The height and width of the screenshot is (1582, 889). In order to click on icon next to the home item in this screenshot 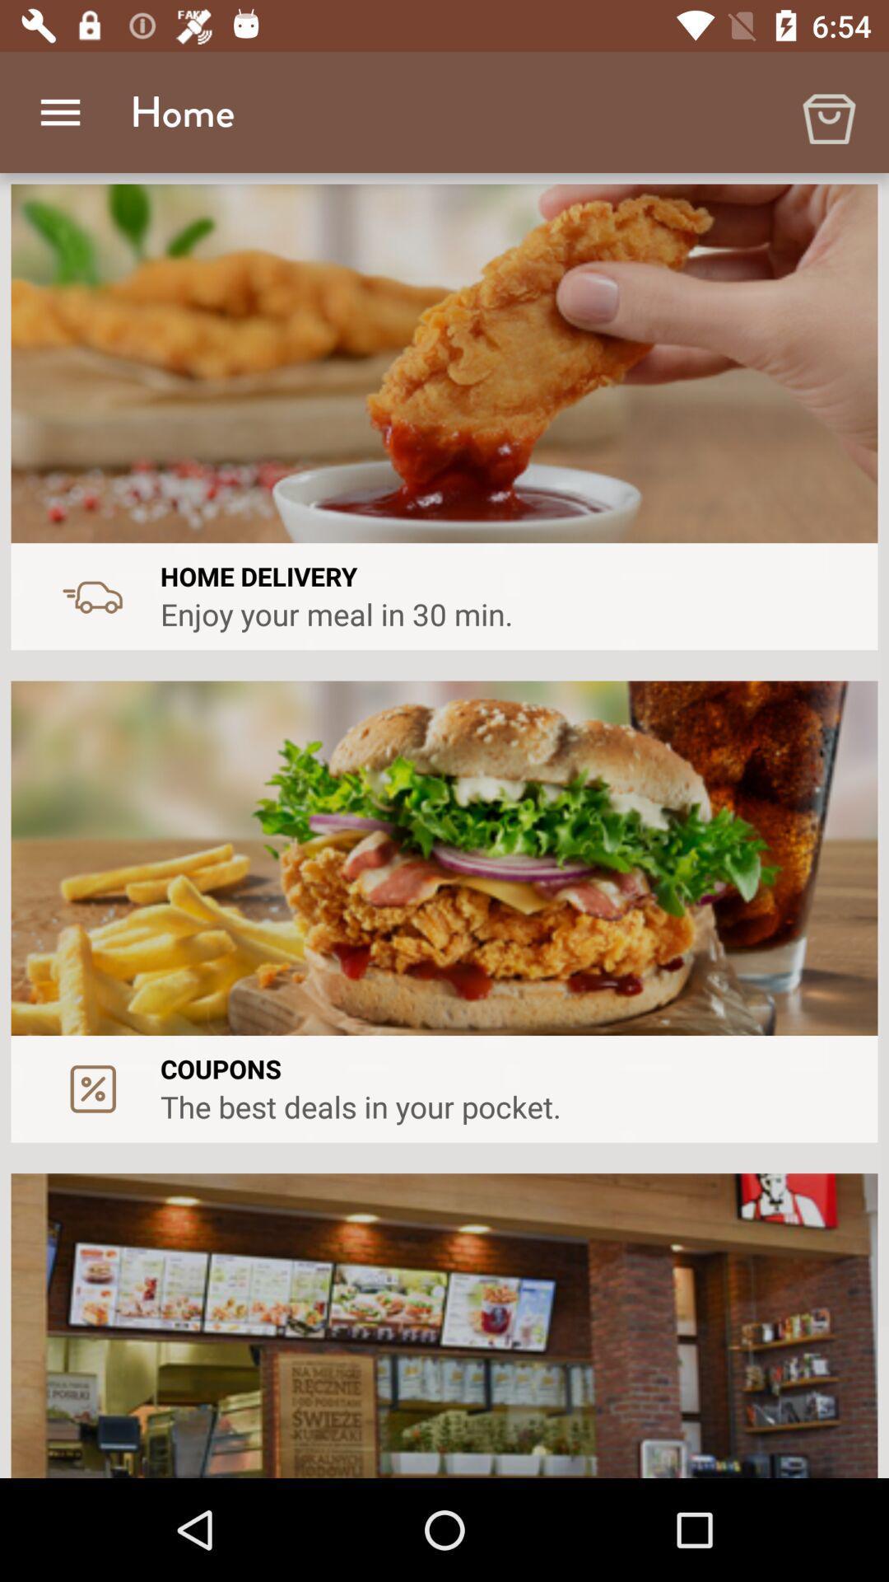, I will do `click(828, 111)`.